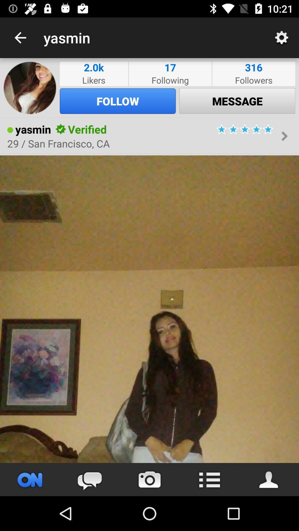 The width and height of the screenshot is (299, 531). Describe the element at coordinates (20, 37) in the screenshot. I see `app next to yasmin app` at that location.